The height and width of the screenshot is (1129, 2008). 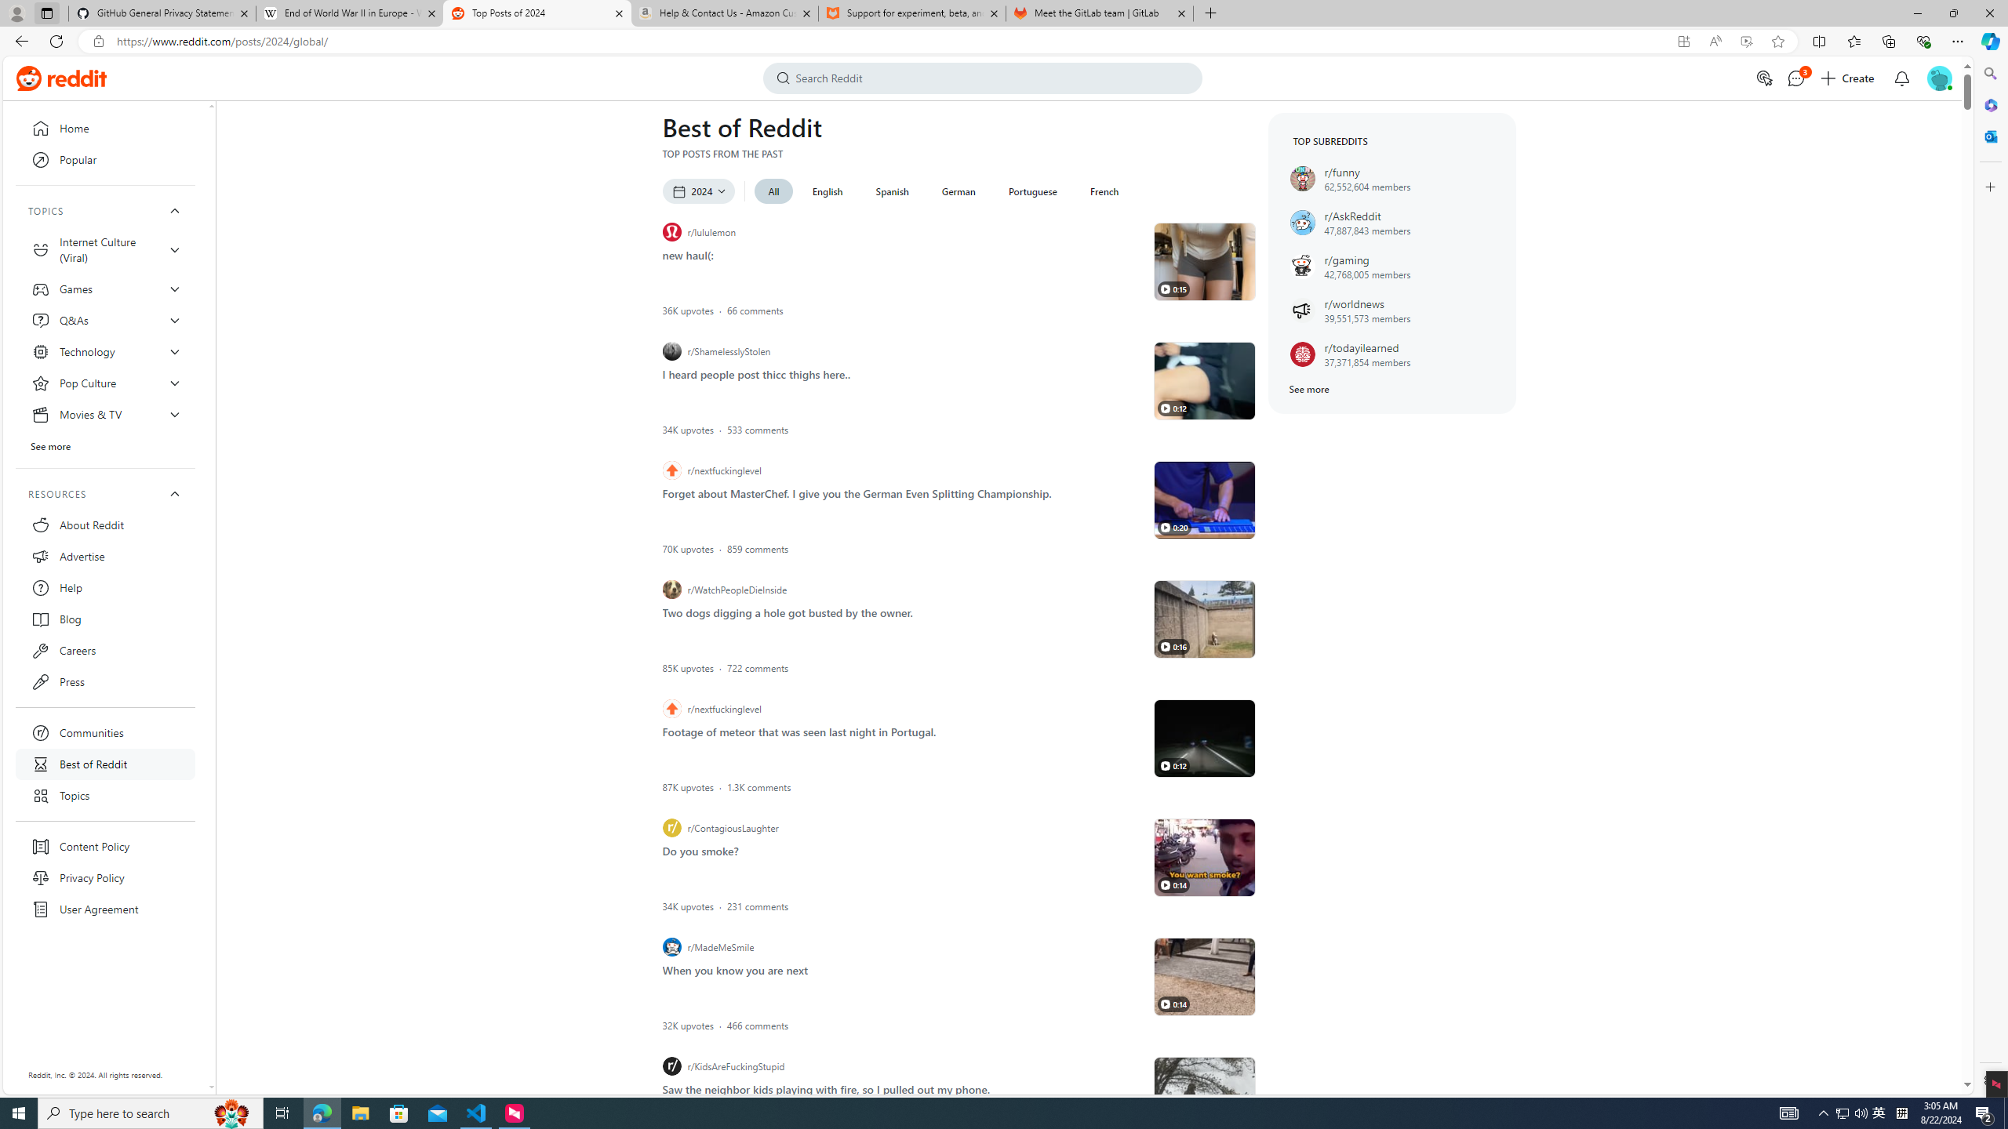 What do you see at coordinates (1391, 267) in the screenshot?
I see `'r/gaming 42,768,005 members'` at bounding box center [1391, 267].